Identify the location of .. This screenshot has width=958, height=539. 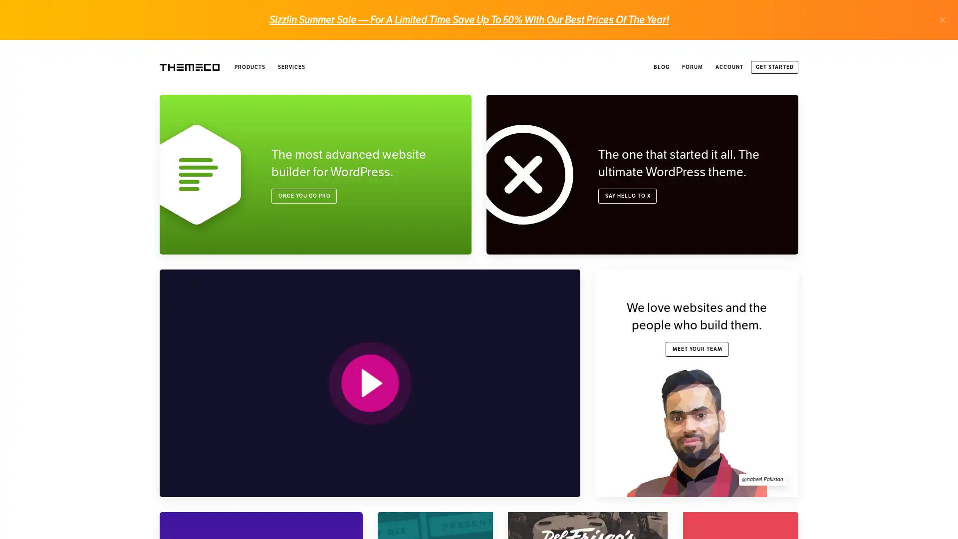
(943, 19).